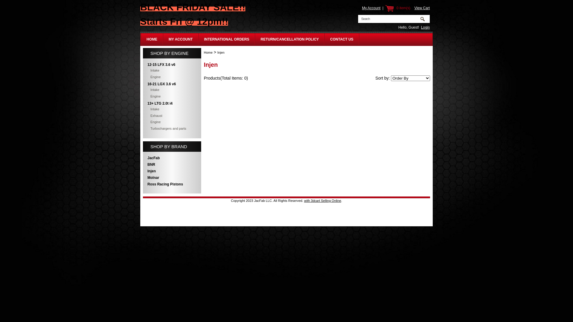 The width and height of the screenshot is (573, 322). Describe the element at coordinates (143, 164) in the screenshot. I see `'BNR'` at that location.